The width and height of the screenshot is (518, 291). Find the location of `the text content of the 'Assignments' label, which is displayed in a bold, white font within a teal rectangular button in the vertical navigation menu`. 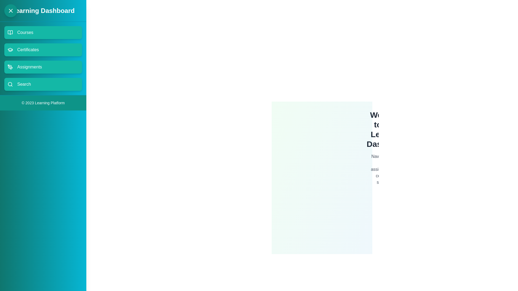

the text content of the 'Assignments' label, which is displayed in a bold, white font within a teal rectangular button in the vertical navigation menu is located at coordinates (29, 67).